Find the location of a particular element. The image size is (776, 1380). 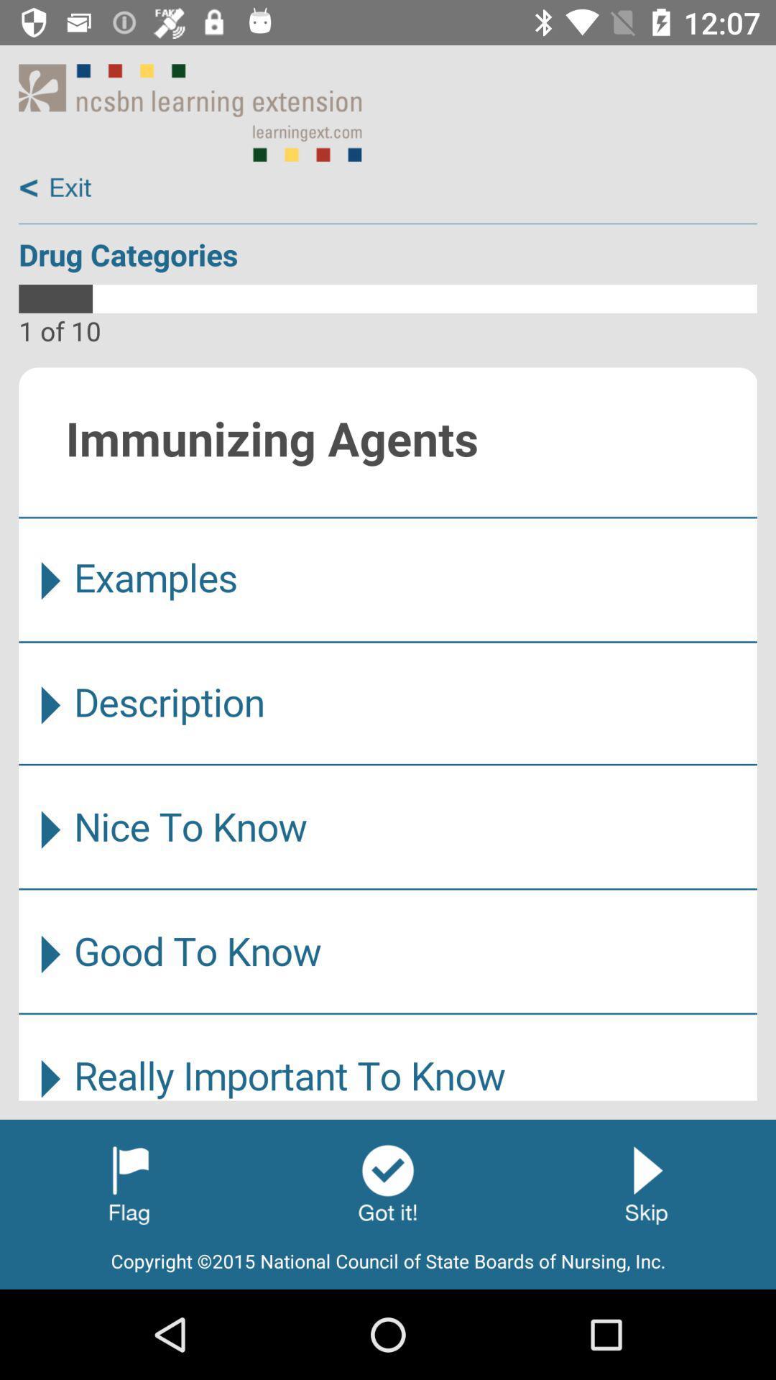

next screen is located at coordinates (388, 1183).